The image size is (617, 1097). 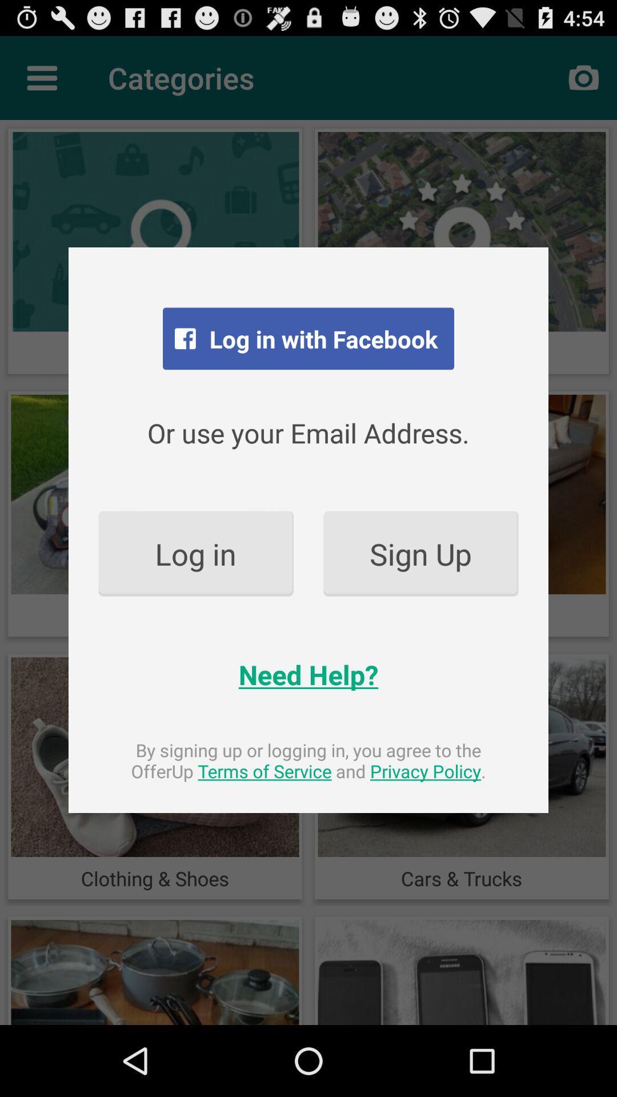 I want to click on need help? app, so click(x=308, y=674).